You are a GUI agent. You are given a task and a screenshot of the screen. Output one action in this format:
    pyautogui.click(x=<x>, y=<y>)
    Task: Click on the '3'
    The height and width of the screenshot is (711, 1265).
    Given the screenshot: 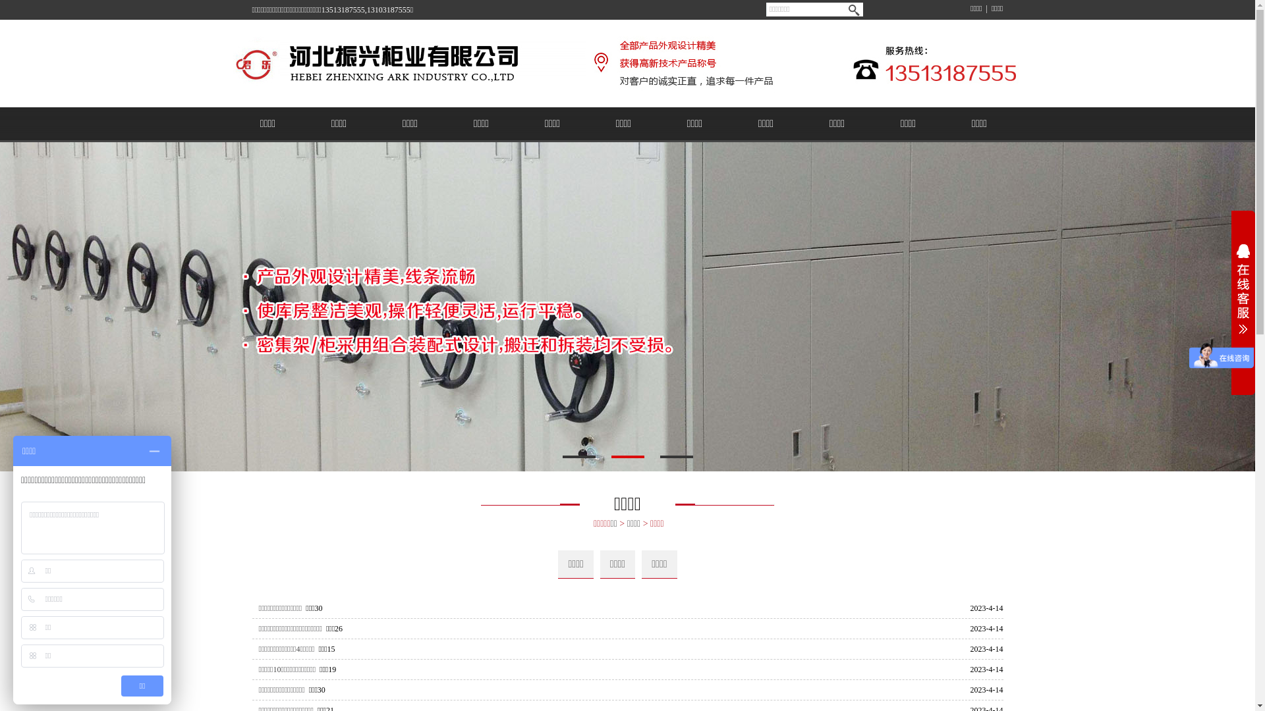 What is the action you would take?
    pyautogui.click(x=677, y=456)
    